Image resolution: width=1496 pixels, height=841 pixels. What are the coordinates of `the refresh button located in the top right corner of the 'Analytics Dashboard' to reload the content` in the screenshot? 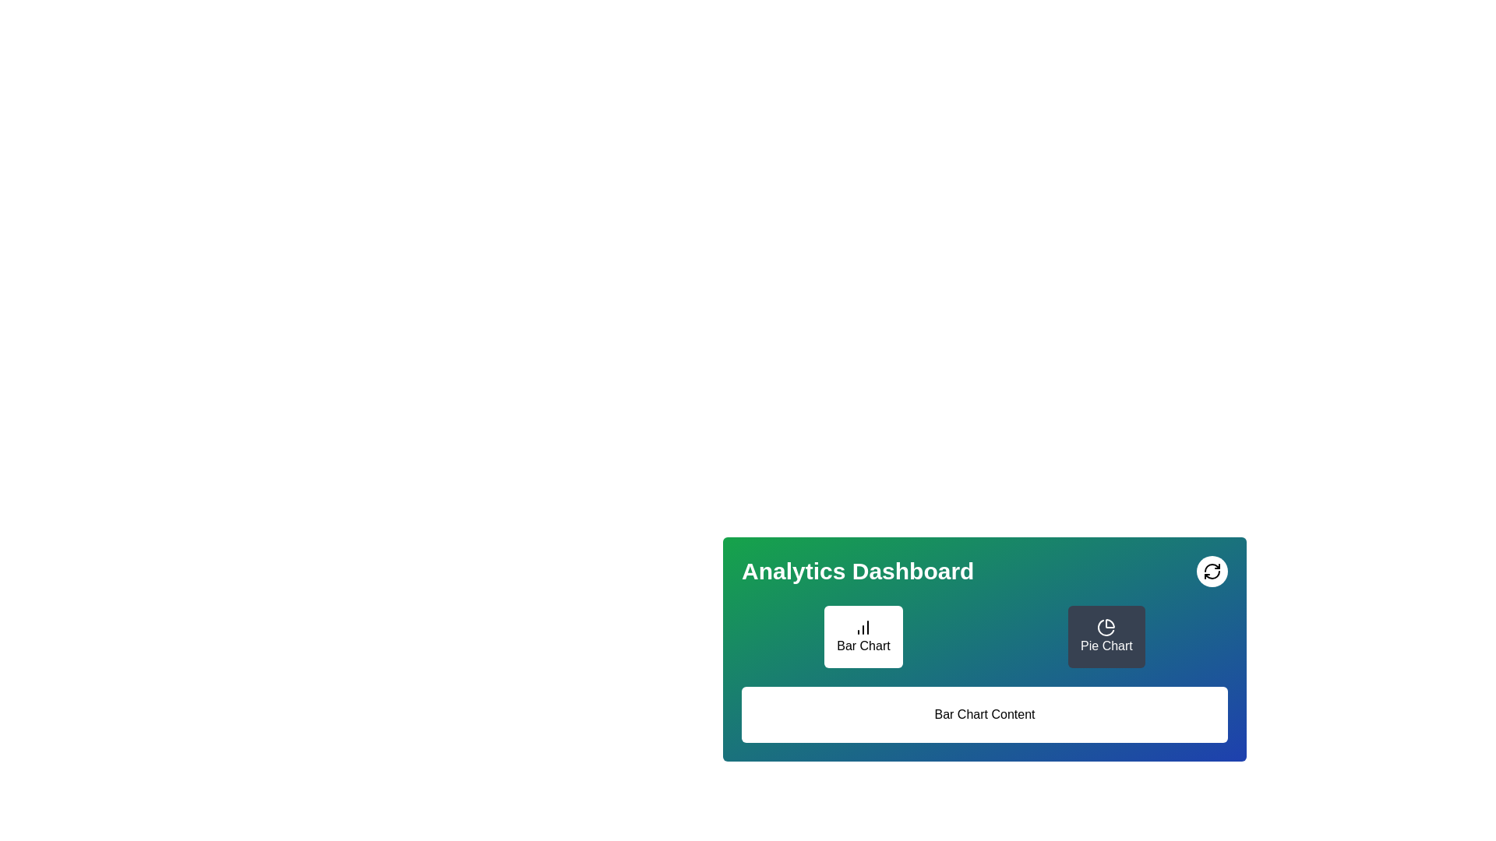 It's located at (1211, 571).